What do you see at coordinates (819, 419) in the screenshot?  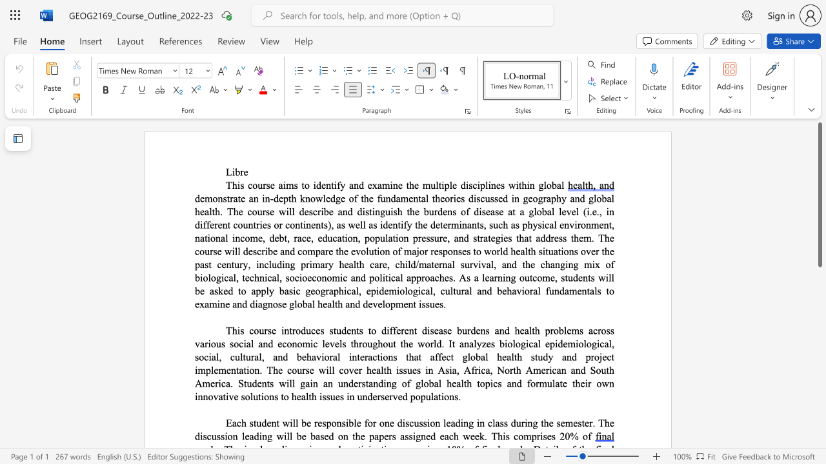 I see `the vertical scrollbar to lower the page content` at bounding box center [819, 419].